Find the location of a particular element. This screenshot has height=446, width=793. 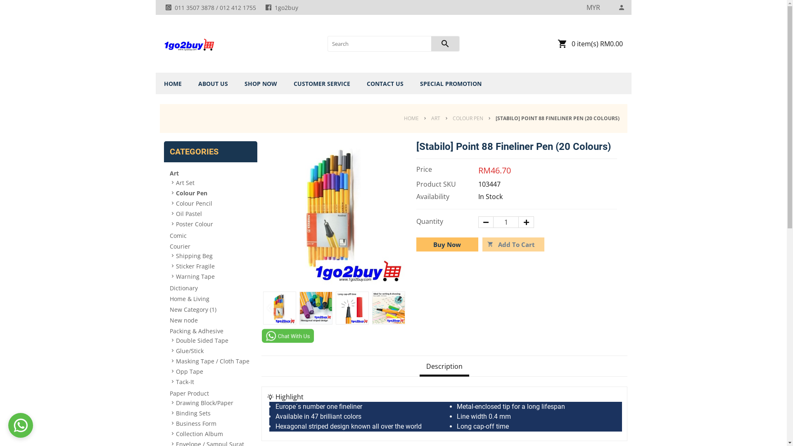

'CUSTOMER SERVICE' is located at coordinates (289, 83).